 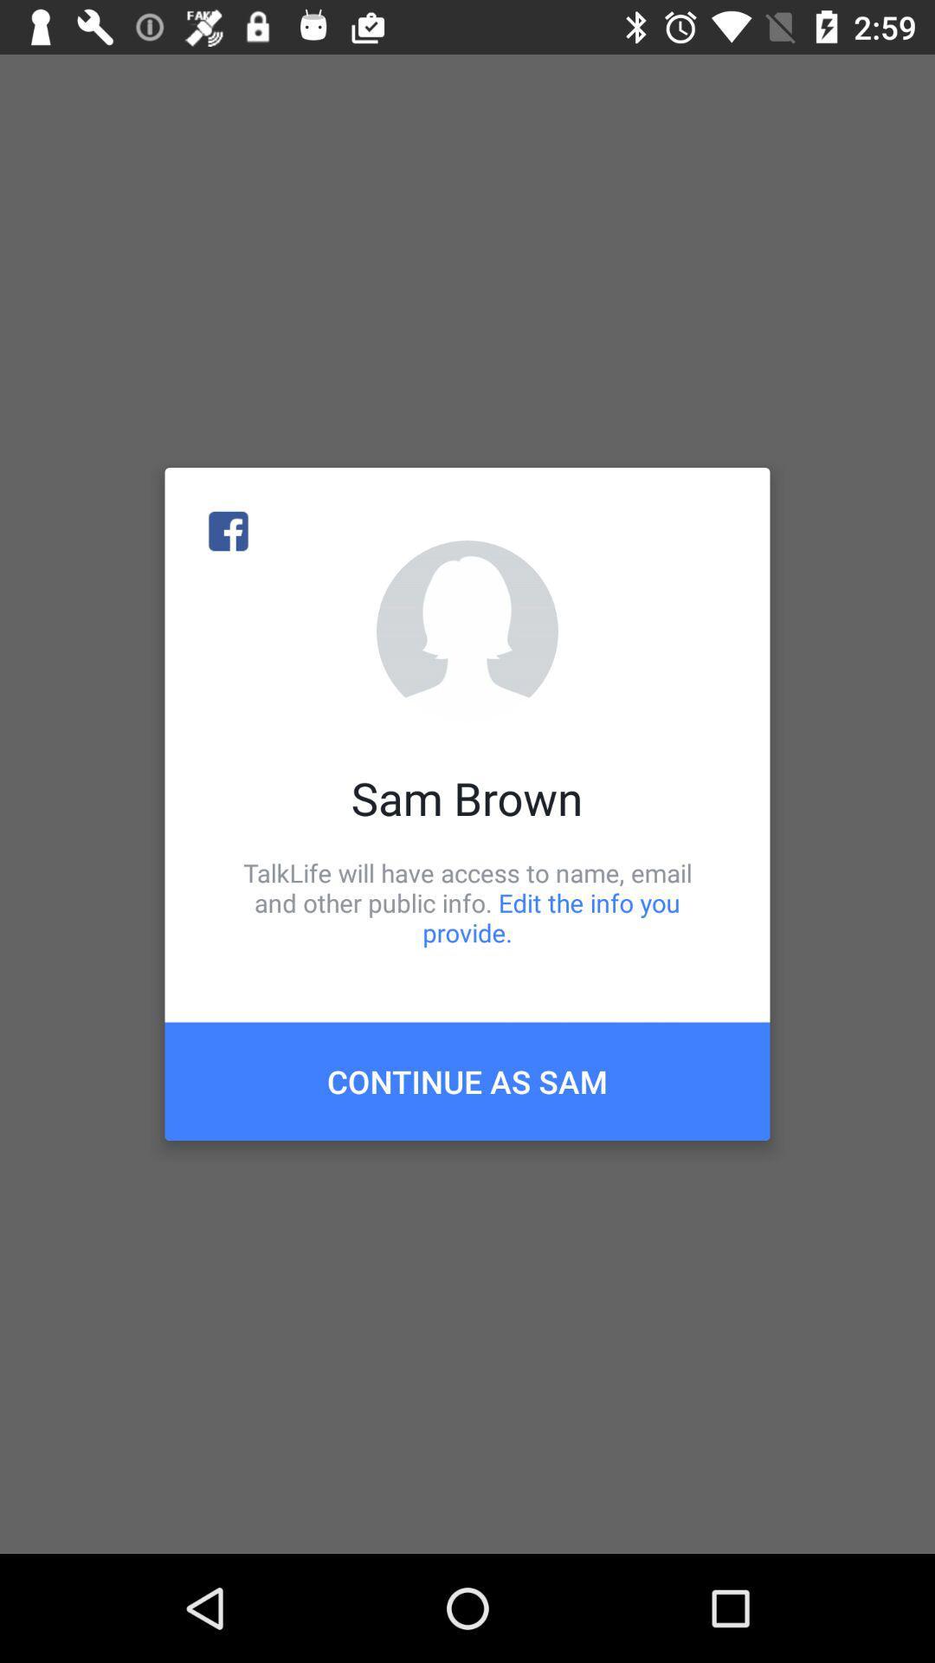 I want to click on the continue as sam item, so click(x=467, y=1080).